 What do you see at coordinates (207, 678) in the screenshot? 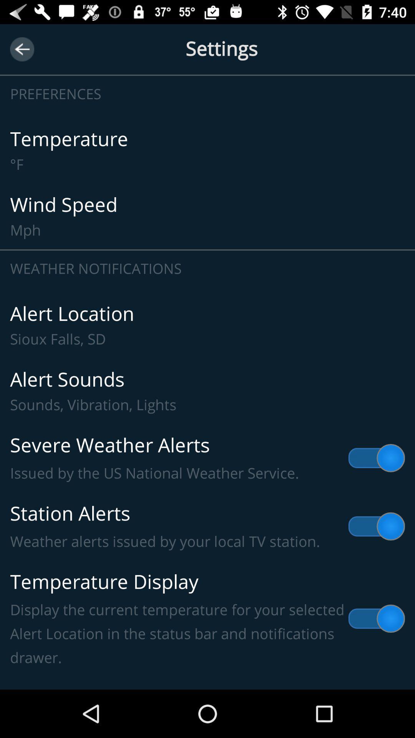
I see `item below the temperature display display item` at bounding box center [207, 678].